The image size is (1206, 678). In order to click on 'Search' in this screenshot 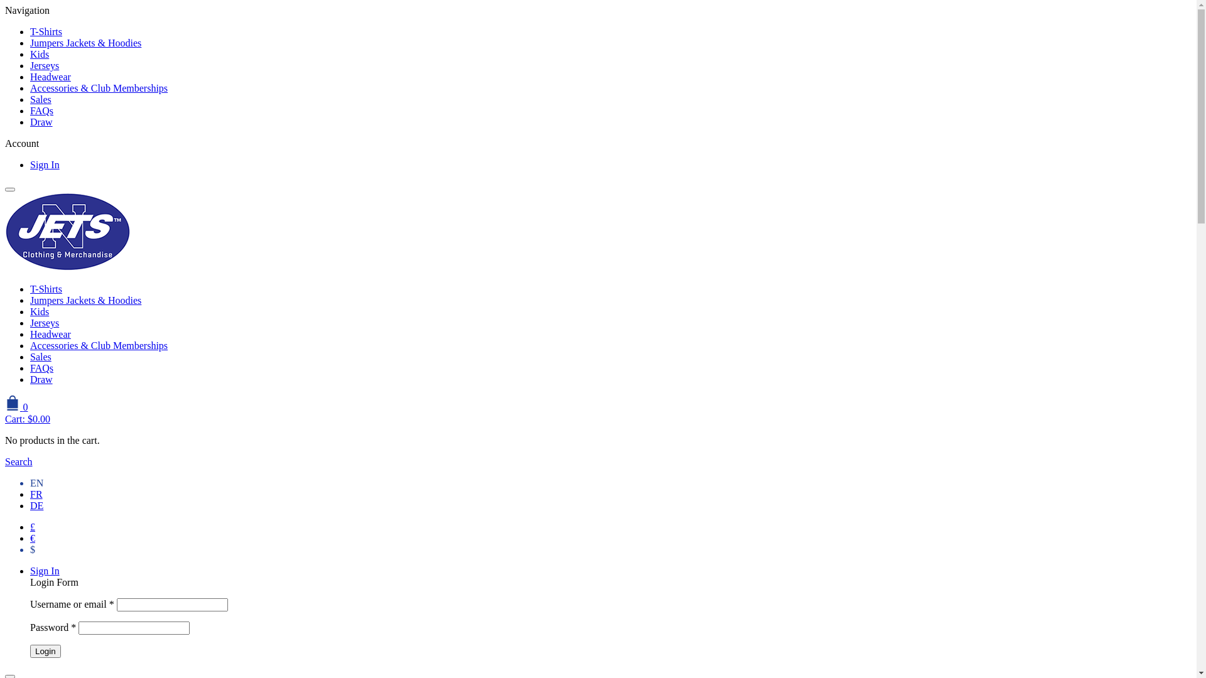, I will do `click(18, 461)`.